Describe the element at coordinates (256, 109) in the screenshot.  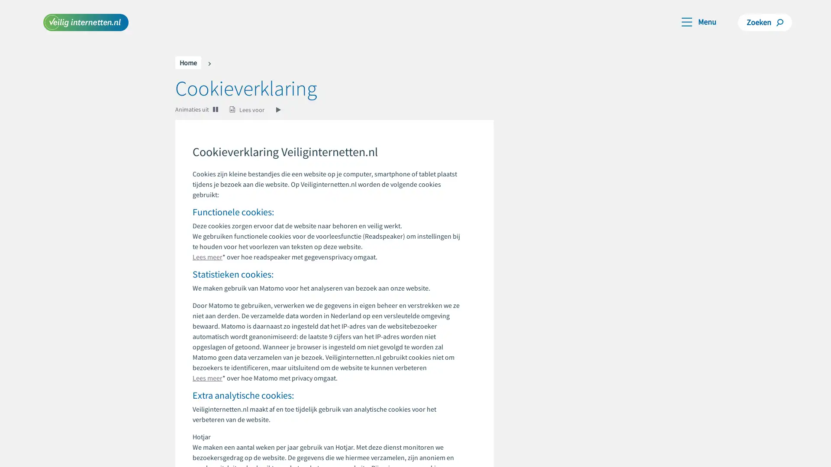
I see `Lees voor` at that location.